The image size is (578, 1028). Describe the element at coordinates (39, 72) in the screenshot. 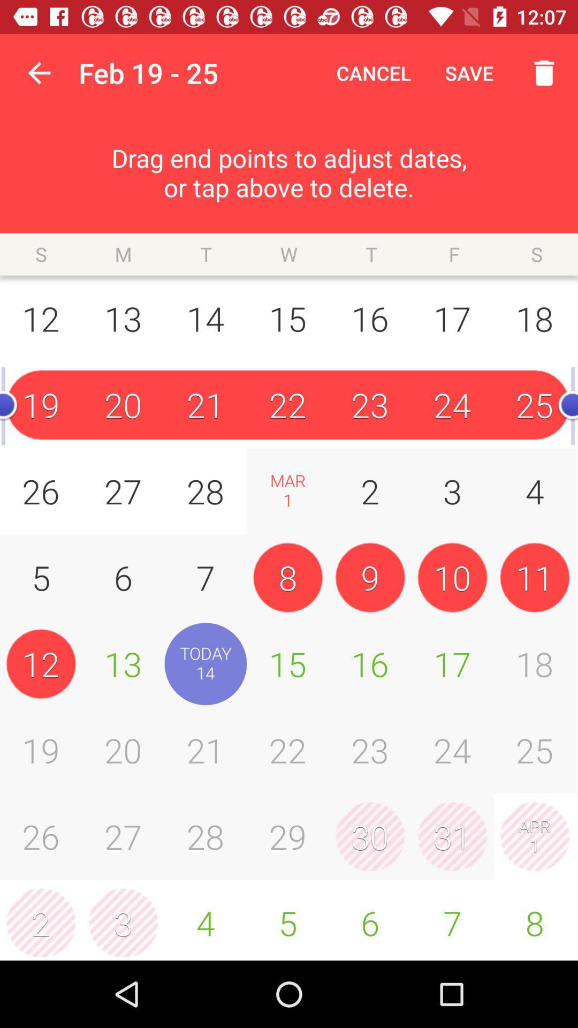

I see `the item next to the edit period item` at that location.